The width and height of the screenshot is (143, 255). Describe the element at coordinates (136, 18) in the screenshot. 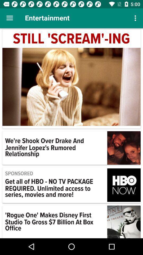

I see `the item at the top right corner` at that location.